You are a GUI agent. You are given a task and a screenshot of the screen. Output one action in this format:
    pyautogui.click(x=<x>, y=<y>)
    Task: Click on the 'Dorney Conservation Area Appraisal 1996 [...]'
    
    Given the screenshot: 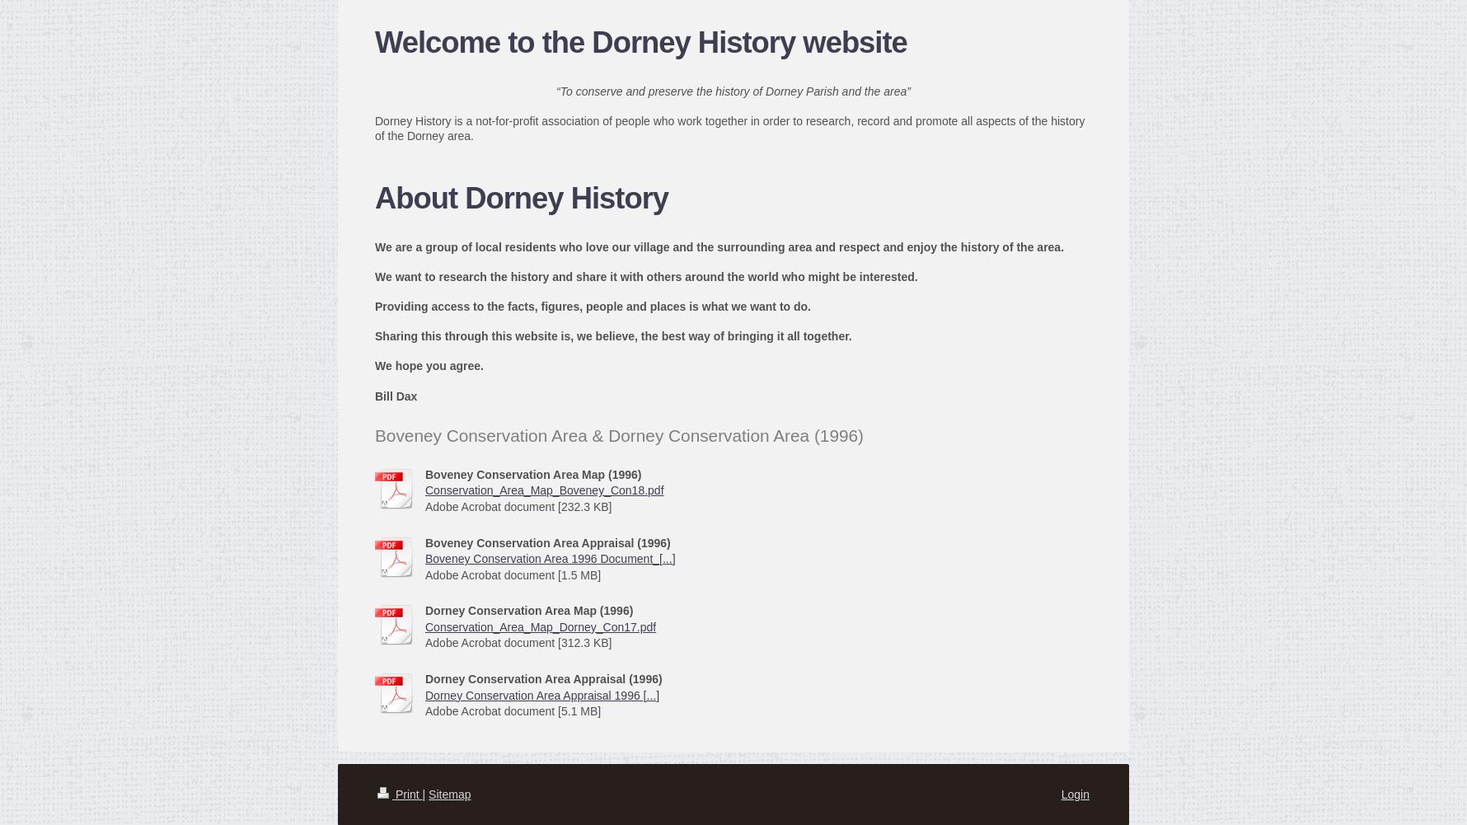 What is the action you would take?
    pyautogui.click(x=542, y=694)
    